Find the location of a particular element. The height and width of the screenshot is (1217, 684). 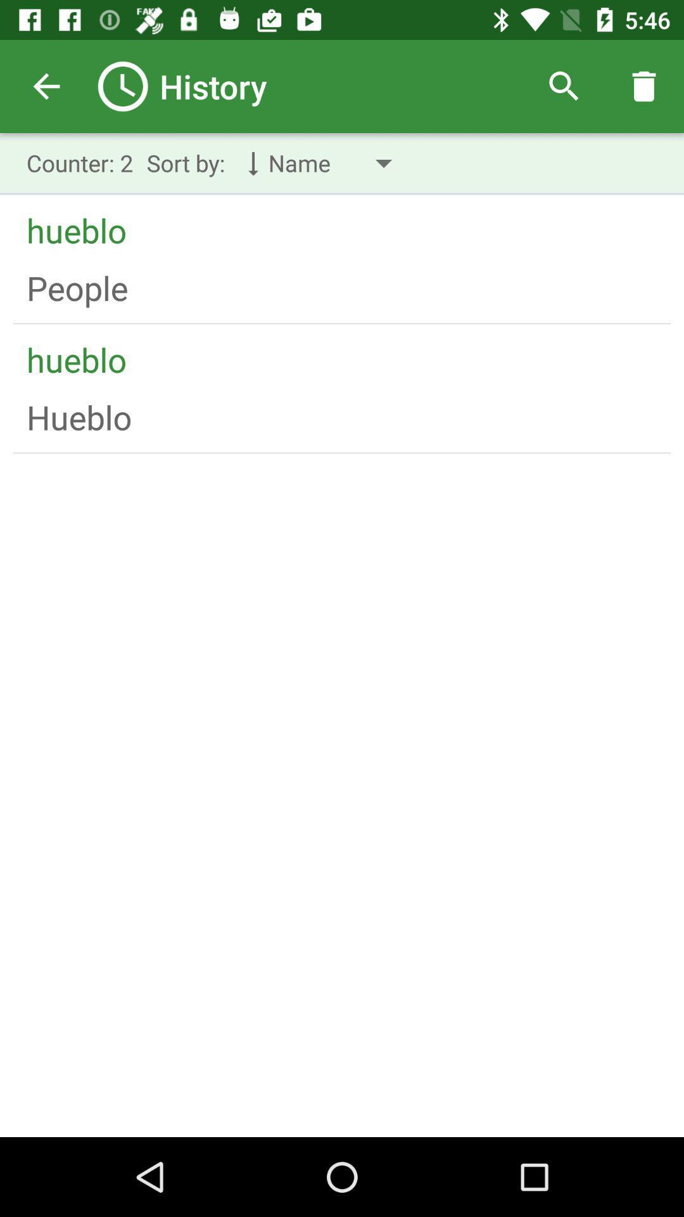

the delete icon which is at the right top corner is located at coordinates (644, 86).